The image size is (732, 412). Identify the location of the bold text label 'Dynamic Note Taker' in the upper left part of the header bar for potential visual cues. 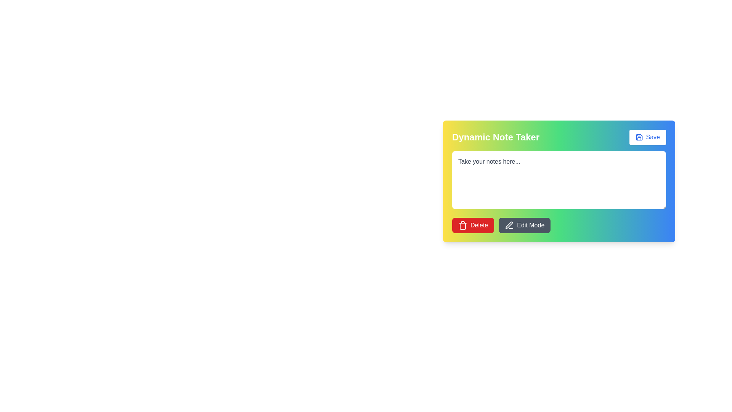
(496, 137).